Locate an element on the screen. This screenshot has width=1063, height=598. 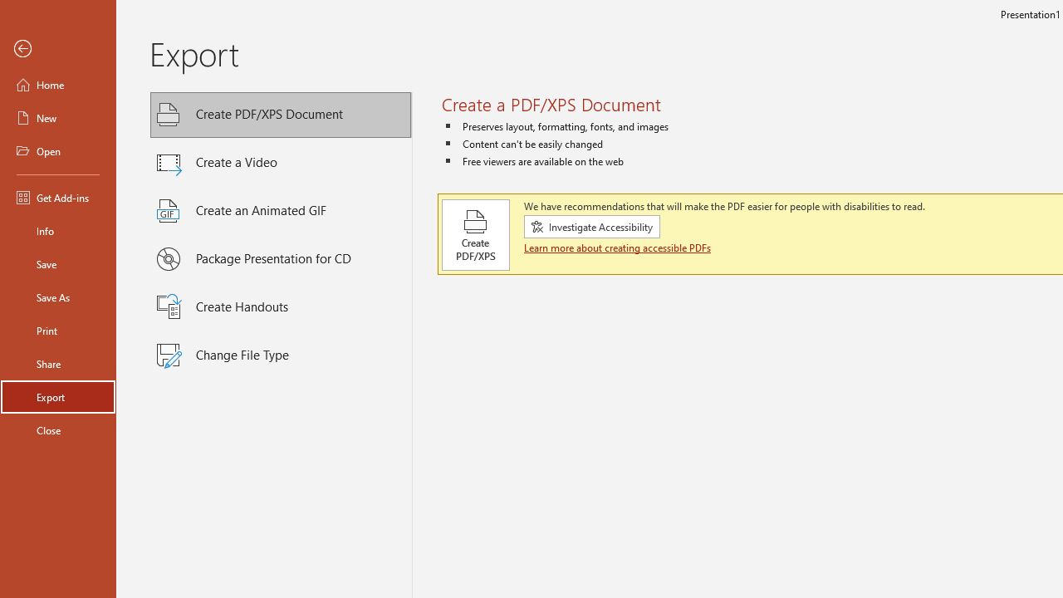
'Learn more about creating accessible PDFs' is located at coordinates (618, 248).